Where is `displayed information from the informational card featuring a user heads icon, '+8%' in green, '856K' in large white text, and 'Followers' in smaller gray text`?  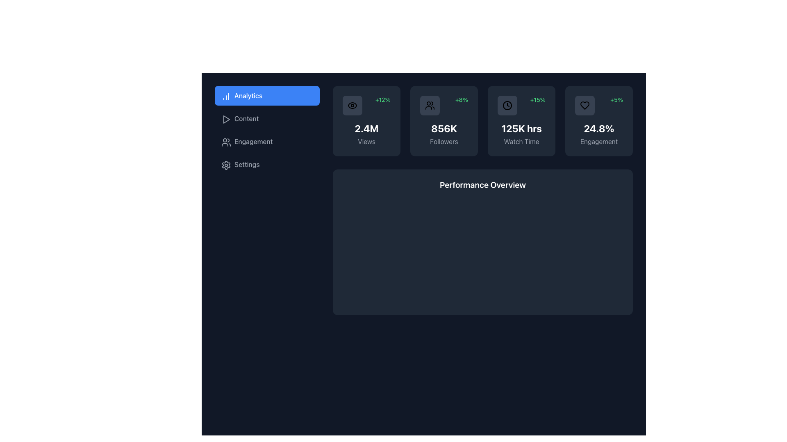
displayed information from the informational card featuring a user heads icon, '+8%' in green, '856K' in large white text, and 'Followers' in smaller gray text is located at coordinates (444, 121).